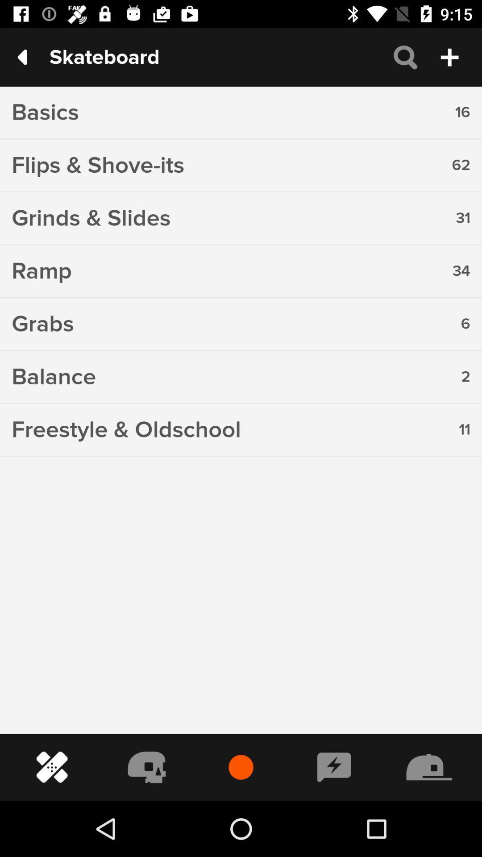  I want to click on the search icon, so click(405, 57).